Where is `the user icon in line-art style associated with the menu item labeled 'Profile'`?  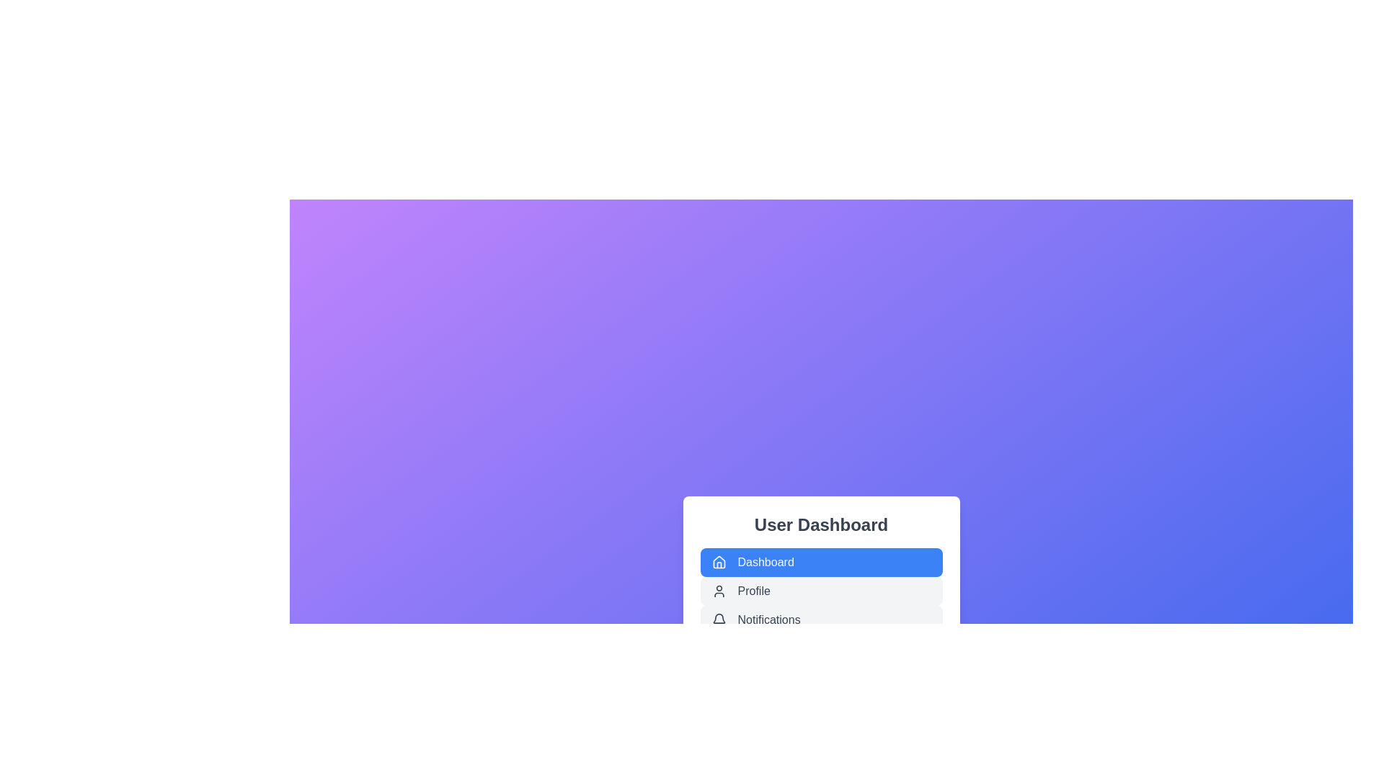
the user icon in line-art style associated with the menu item labeled 'Profile' is located at coordinates (719, 591).